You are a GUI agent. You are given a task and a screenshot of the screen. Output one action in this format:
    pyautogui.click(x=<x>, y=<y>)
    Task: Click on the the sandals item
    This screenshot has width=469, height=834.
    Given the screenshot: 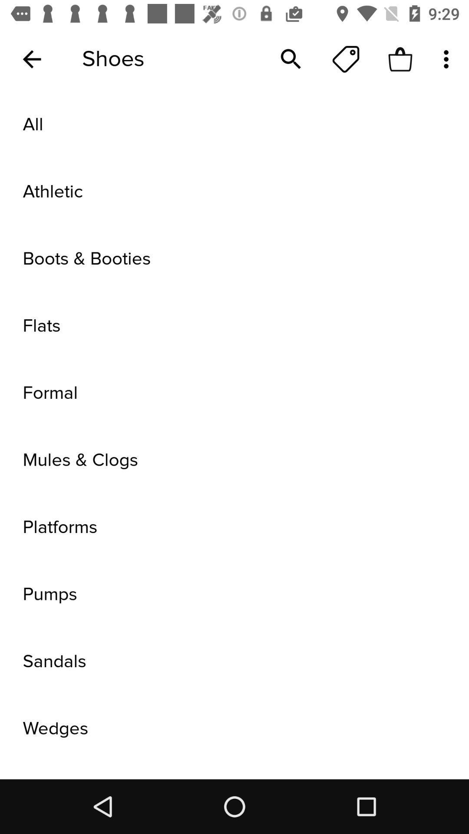 What is the action you would take?
    pyautogui.click(x=234, y=661)
    